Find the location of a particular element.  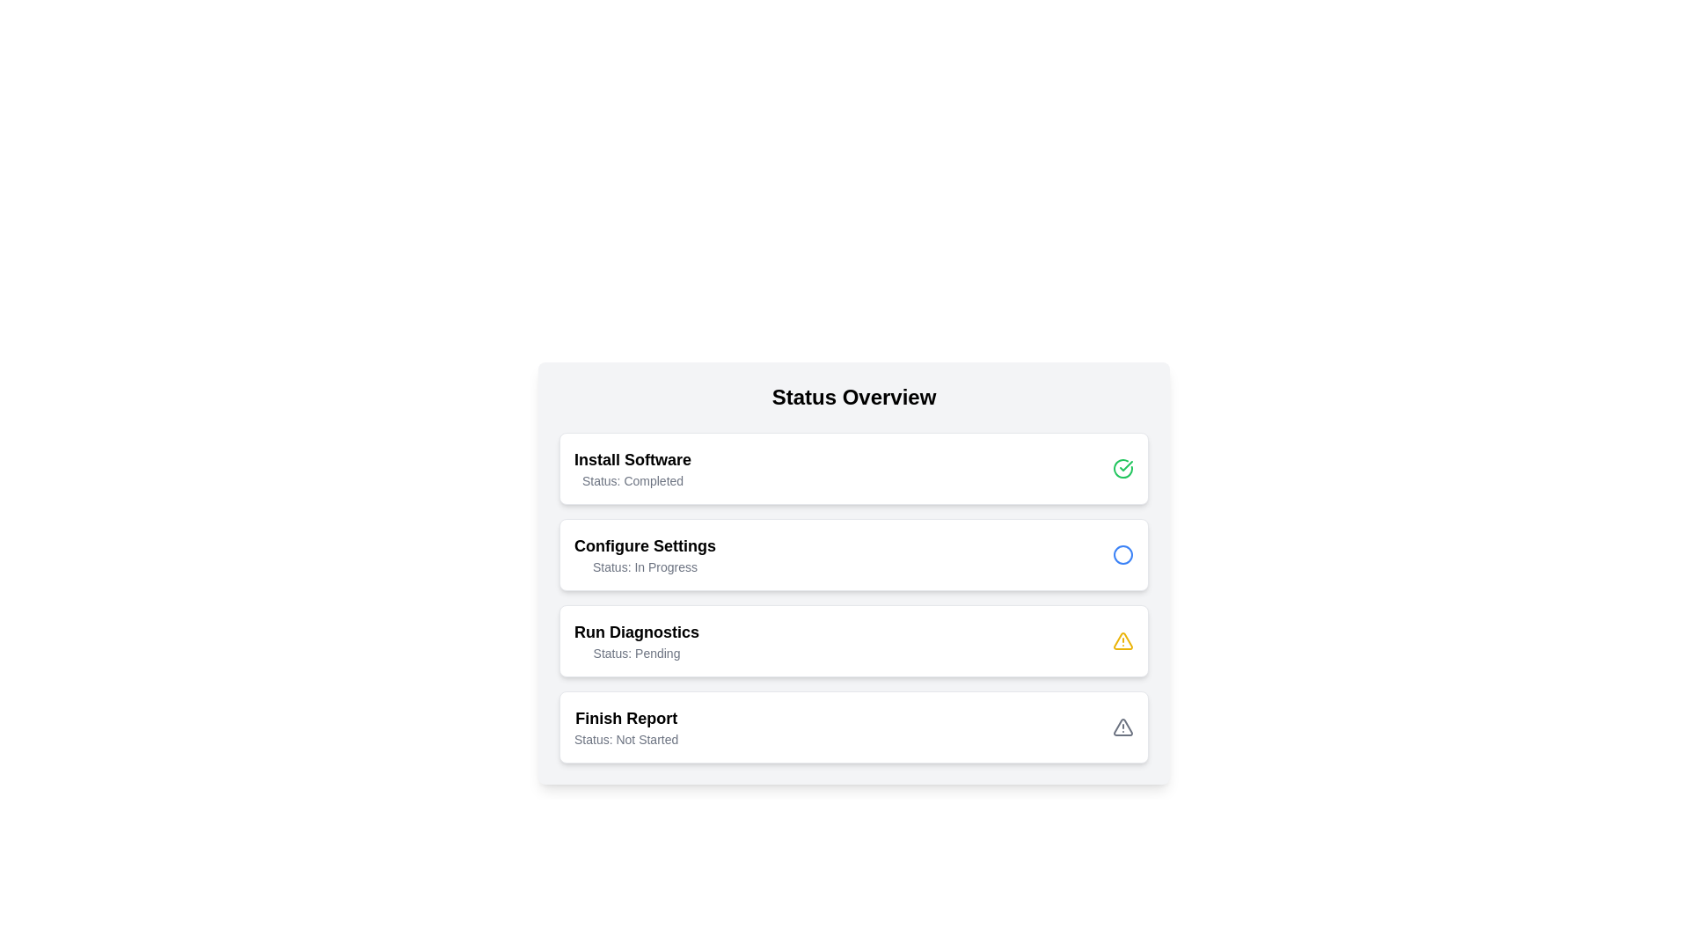

the green circular icon with a white checkmark located on the right side of the 'Install Software' item in the 'Status Overview' section is located at coordinates (1122, 467).